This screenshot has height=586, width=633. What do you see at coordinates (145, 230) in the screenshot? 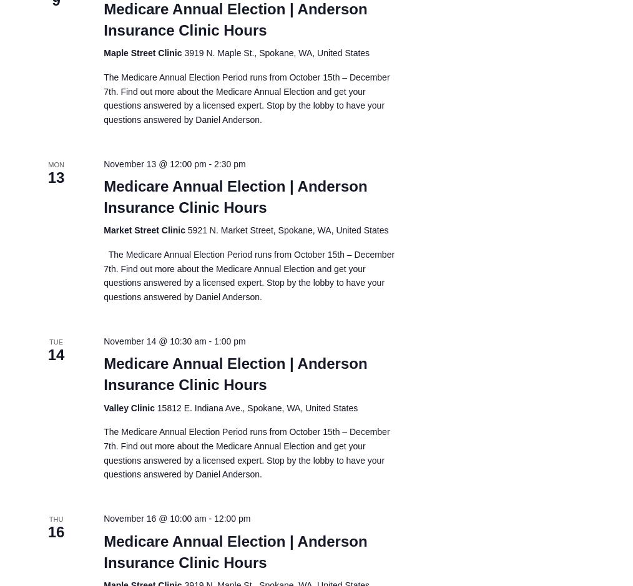
I see `'Market Street Clinic'` at bounding box center [145, 230].